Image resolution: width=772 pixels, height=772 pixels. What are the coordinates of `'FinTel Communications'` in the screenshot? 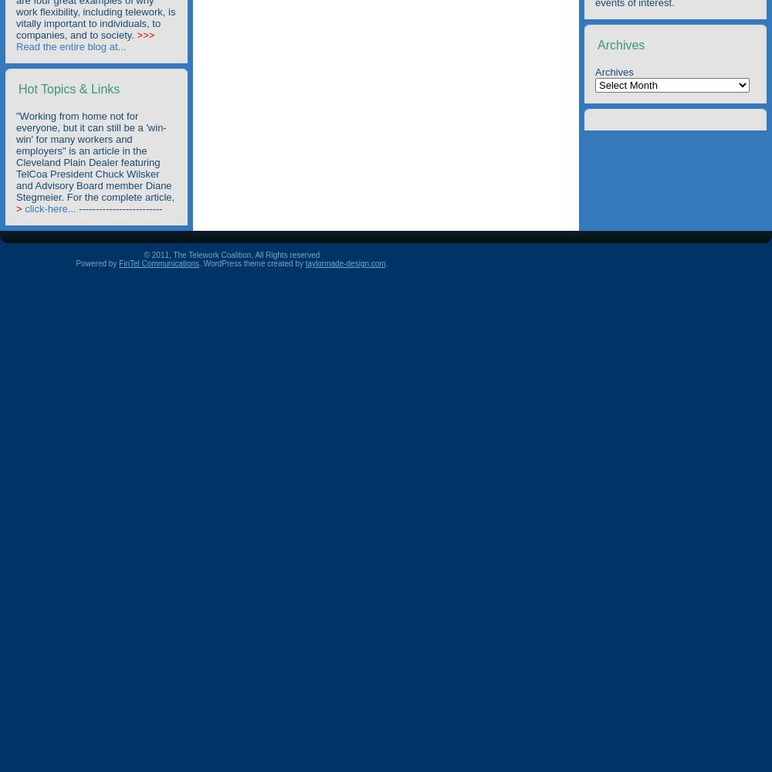 It's located at (158, 262).